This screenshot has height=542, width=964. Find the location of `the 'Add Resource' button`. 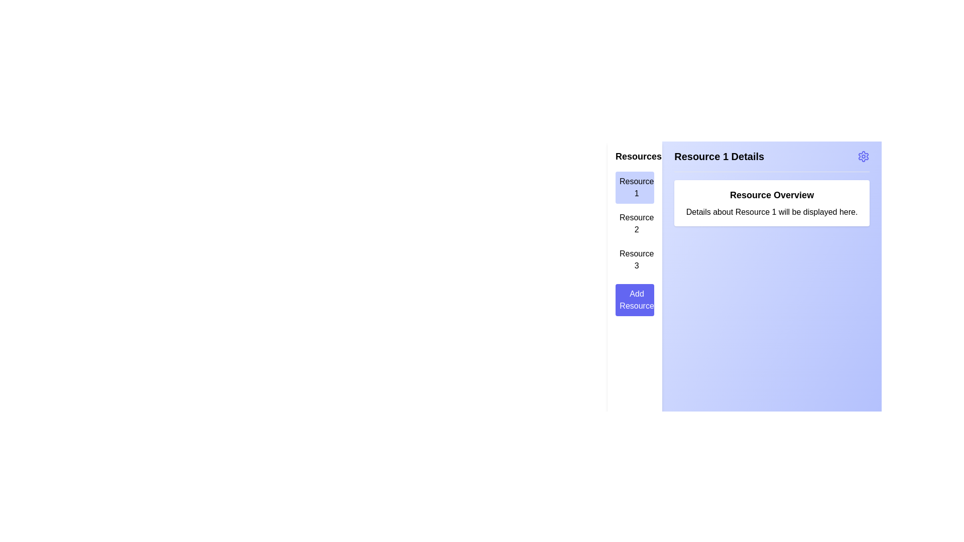

the 'Add Resource' button is located at coordinates (634, 299).